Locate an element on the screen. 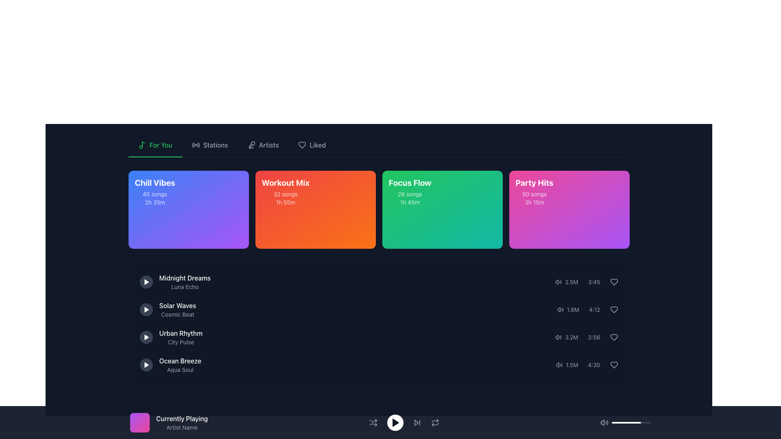  the text label displaying the title 'Midnight Dreams' and artist 'Luna Echo', which is positioned to the right of the play button is located at coordinates (184, 282).